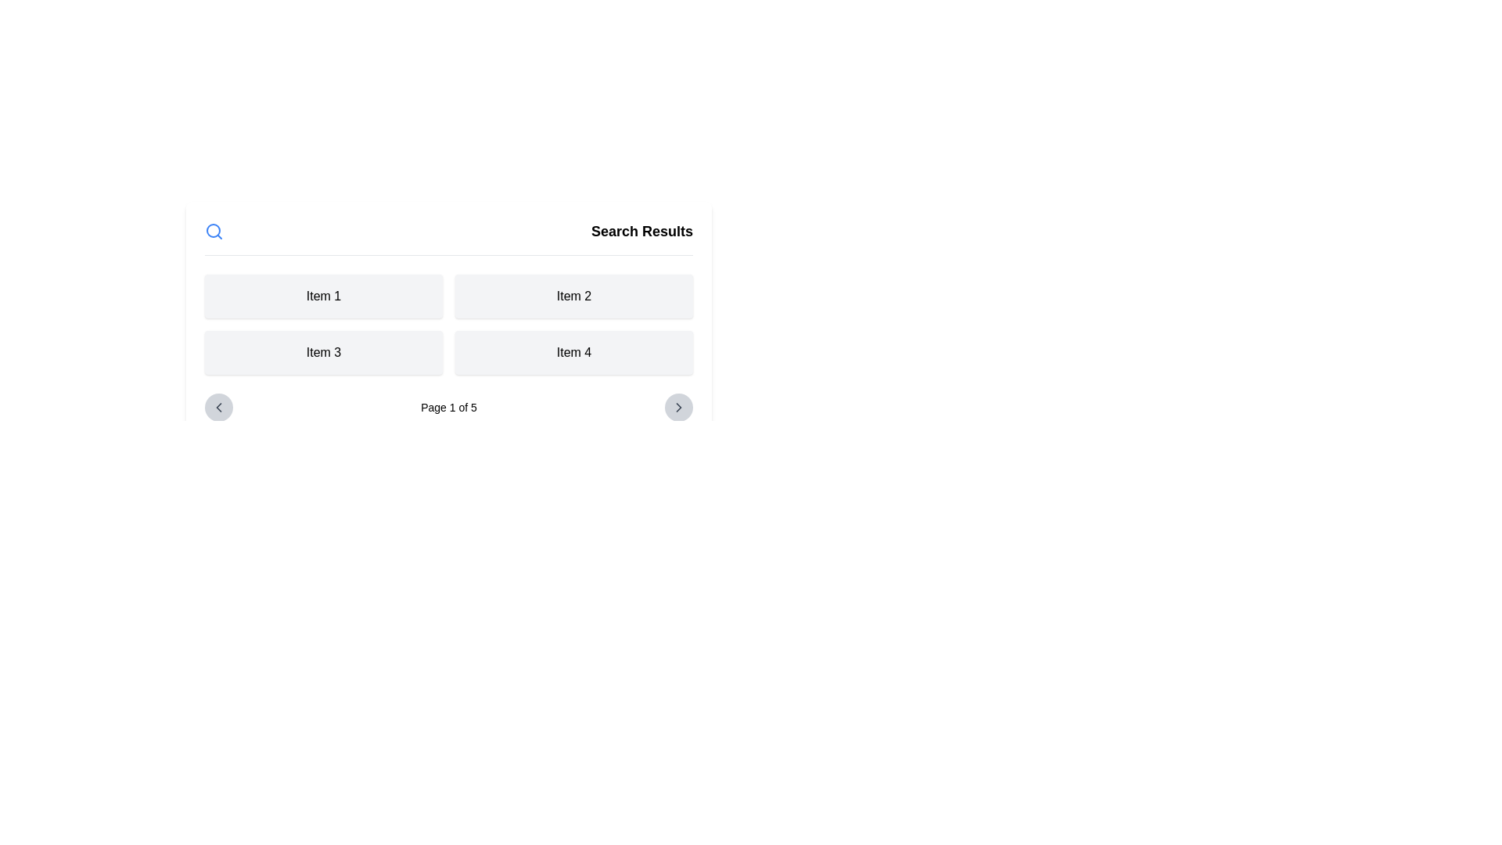 Image resolution: width=1502 pixels, height=845 pixels. I want to click on the circular button with a light gray background and a rightward-pointing chevron icon, so click(679, 406).